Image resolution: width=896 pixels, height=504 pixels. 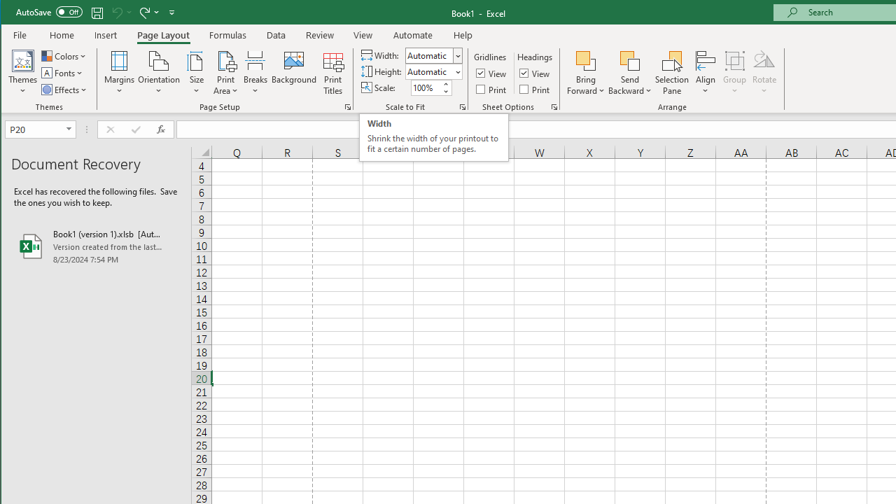 I want to click on 'Colors', so click(x=64, y=55).